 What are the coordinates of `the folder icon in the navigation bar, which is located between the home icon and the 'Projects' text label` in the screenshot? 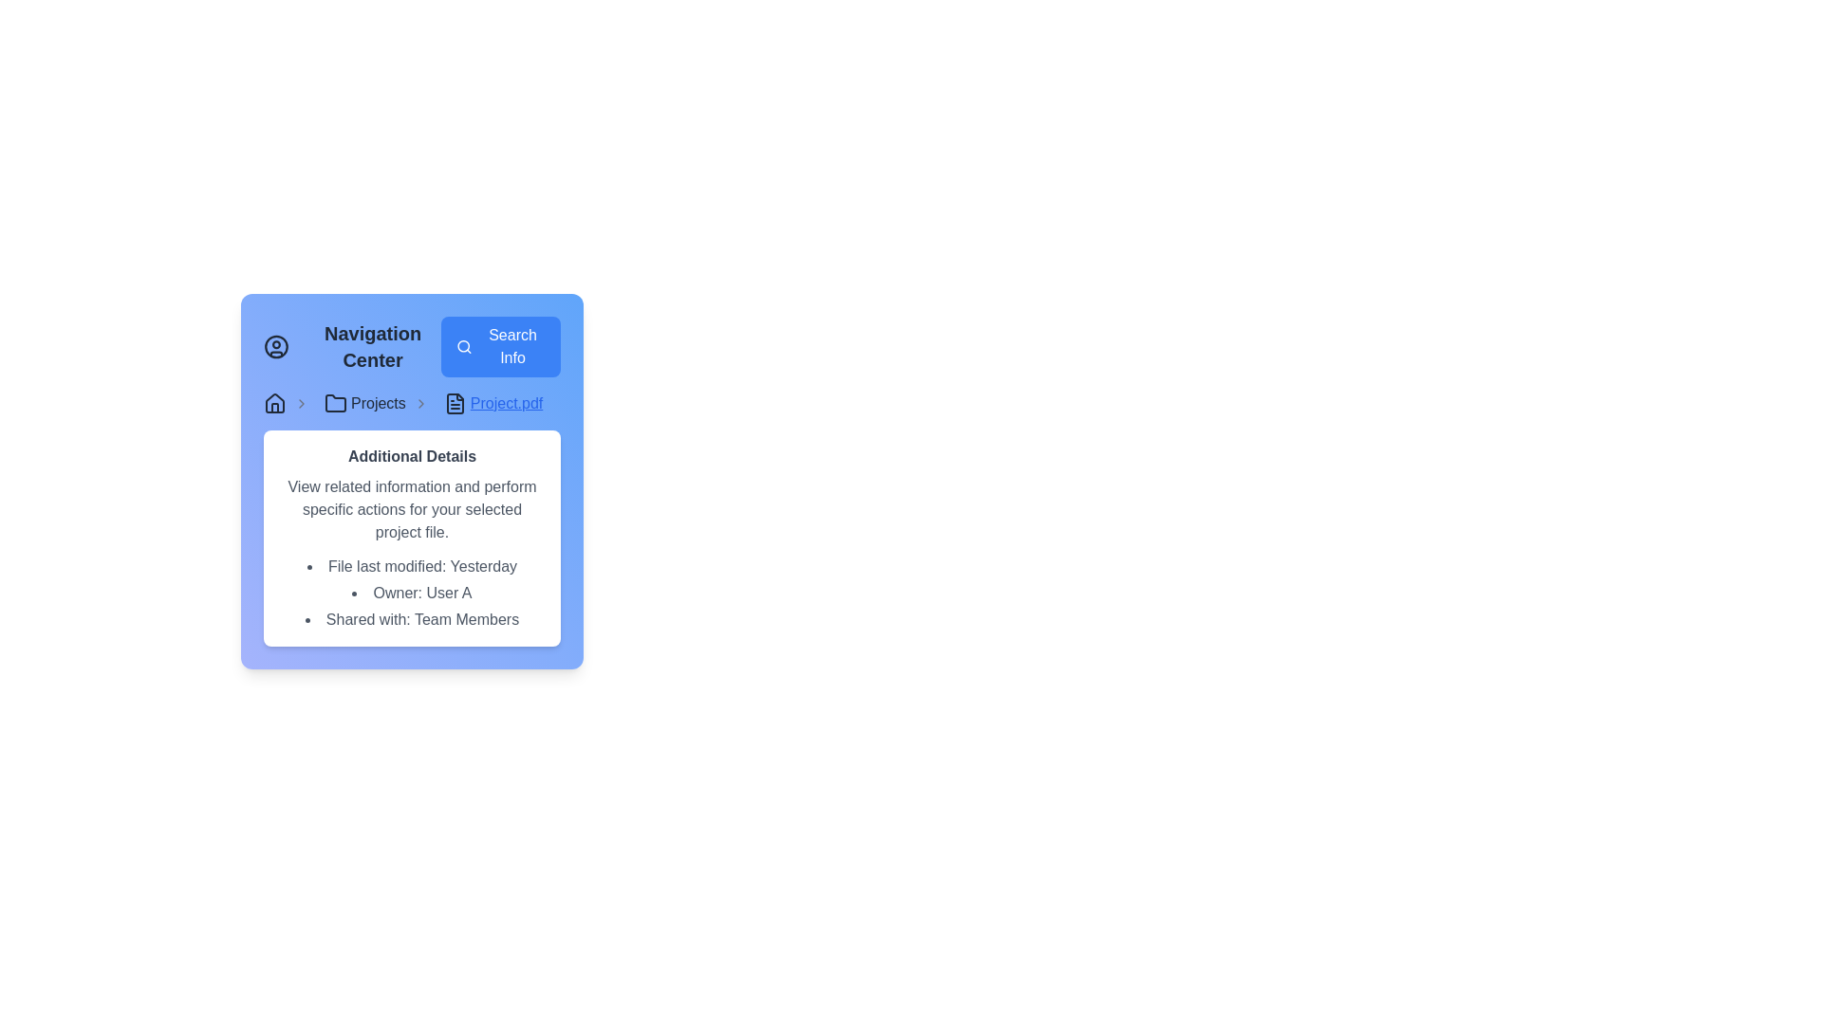 It's located at (336, 402).